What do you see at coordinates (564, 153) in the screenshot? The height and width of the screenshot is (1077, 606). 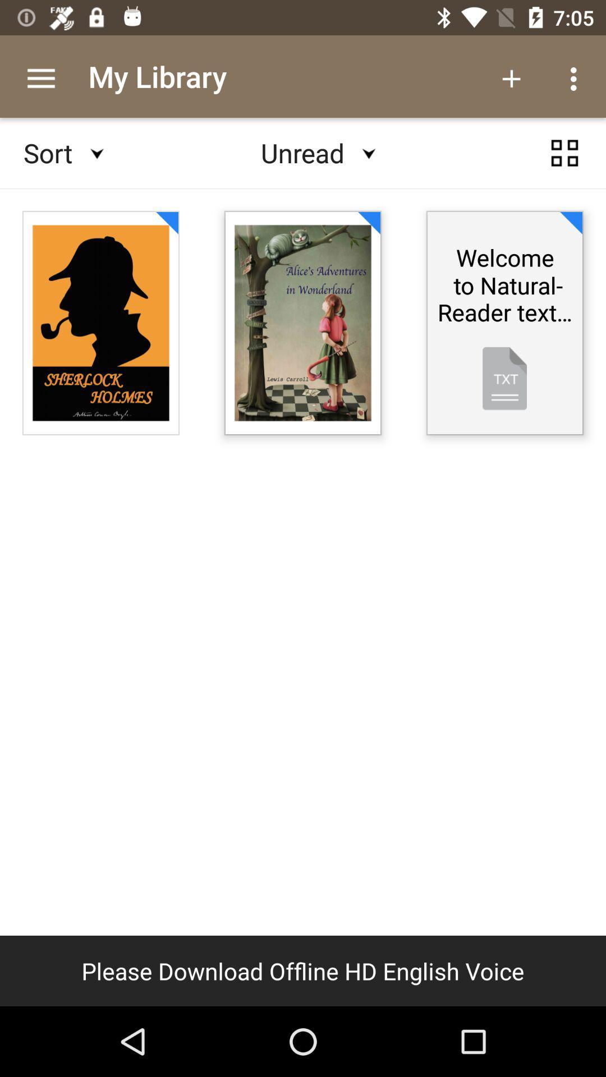 I see `menu option` at bounding box center [564, 153].